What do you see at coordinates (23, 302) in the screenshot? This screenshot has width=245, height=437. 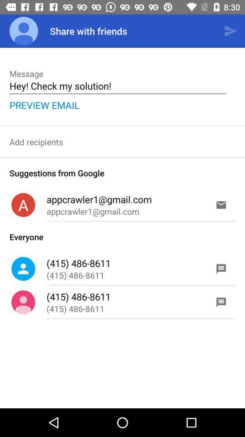 I see `the pink icon which is beside 415 4868611 at bottom of the page` at bounding box center [23, 302].